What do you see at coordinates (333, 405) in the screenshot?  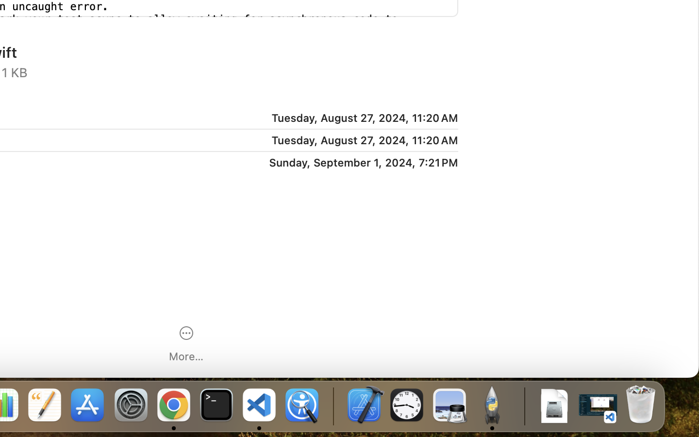 I see `'0.4285714328289032'` at bounding box center [333, 405].